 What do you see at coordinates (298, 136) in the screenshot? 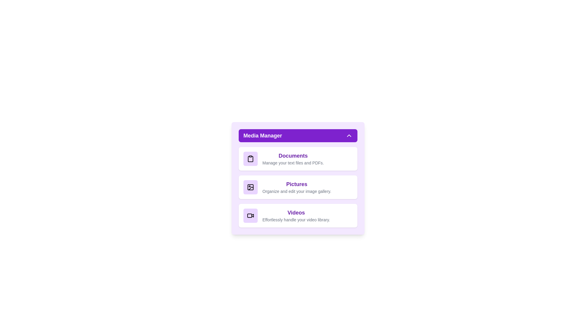
I see `the 'Media Manager' button to toggle the menu visibility` at bounding box center [298, 136].